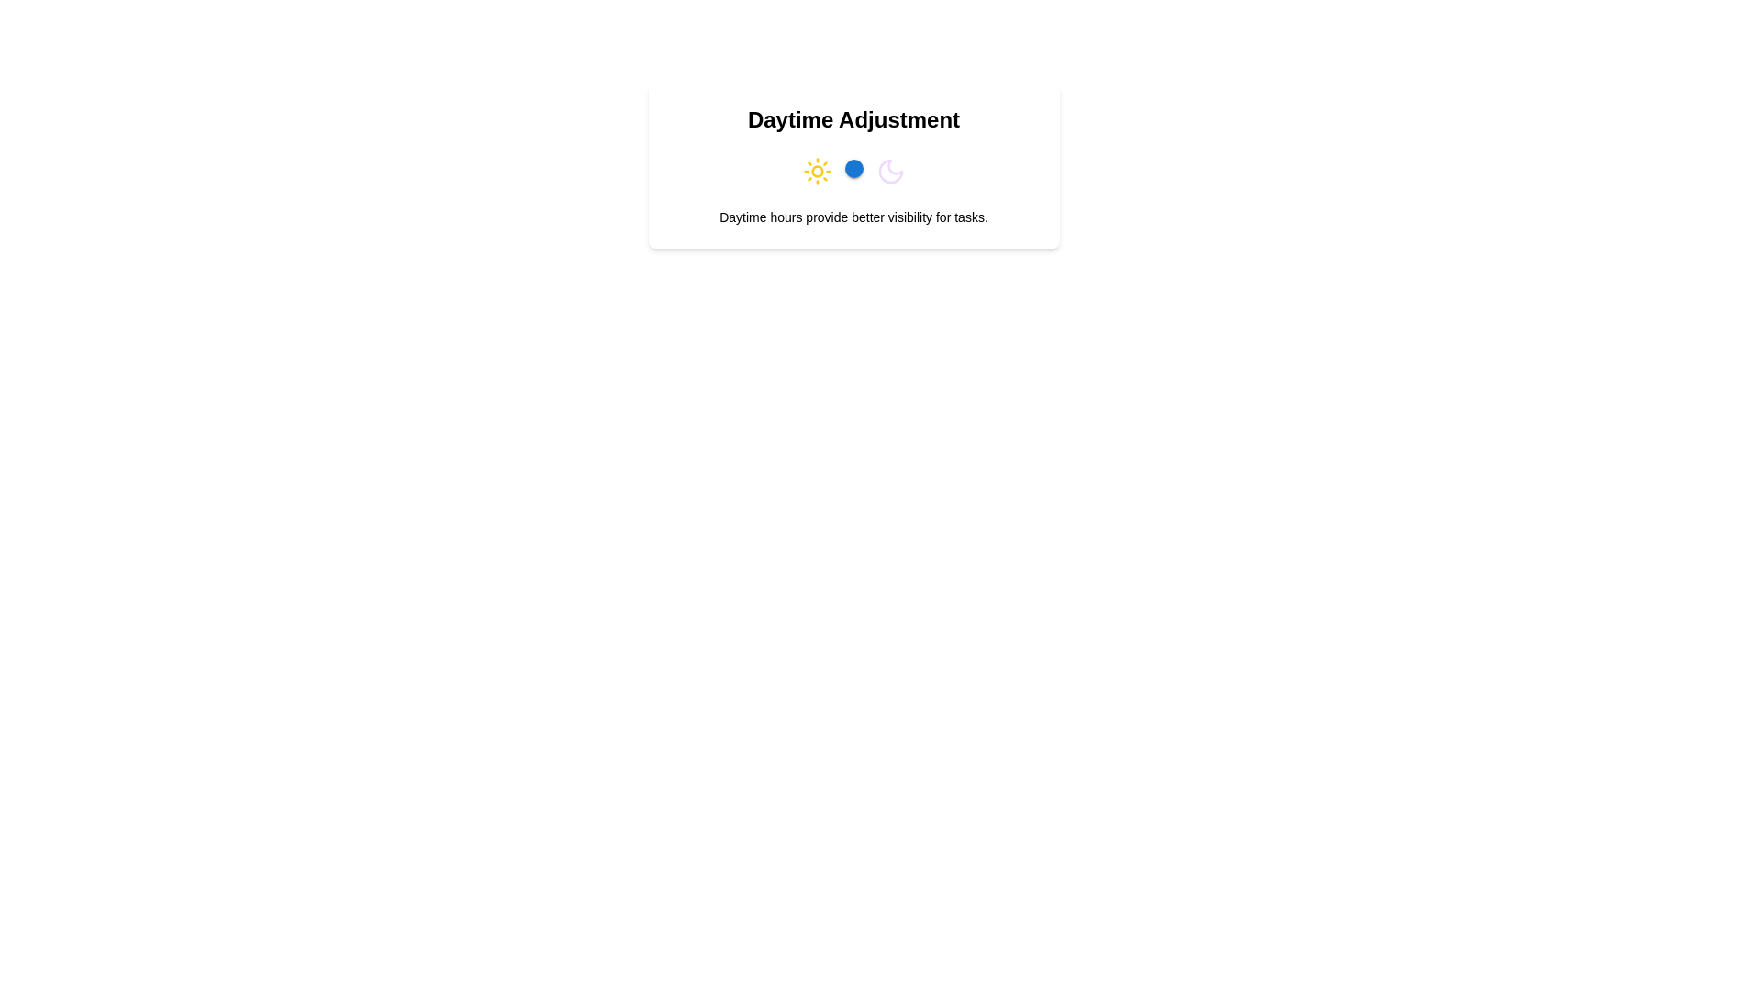 Image resolution: width=1762 pixels, height=991 pixels. I want to click on the third icon in the horizontal row under 'Daytime Adjustment', so click(890, 171).